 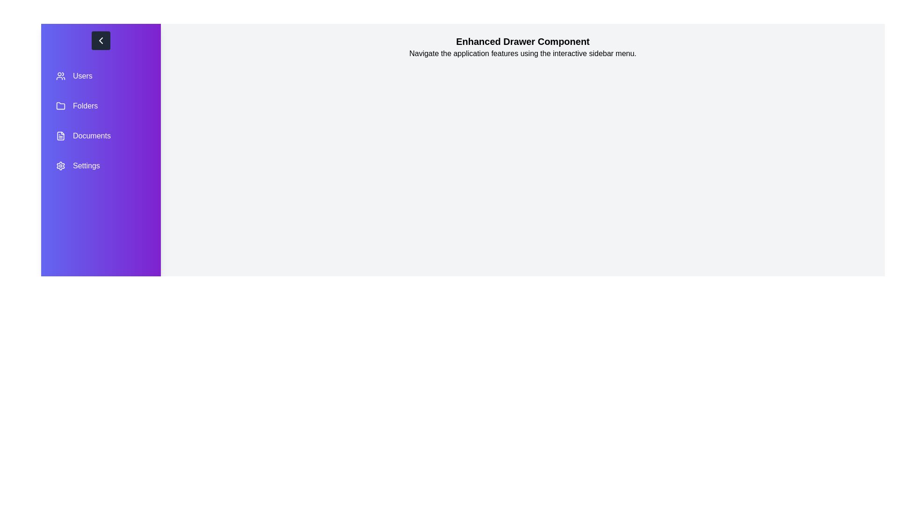 I want to click on the menu item labeled Users to observe the hover effect, so click(x=101, y=75).